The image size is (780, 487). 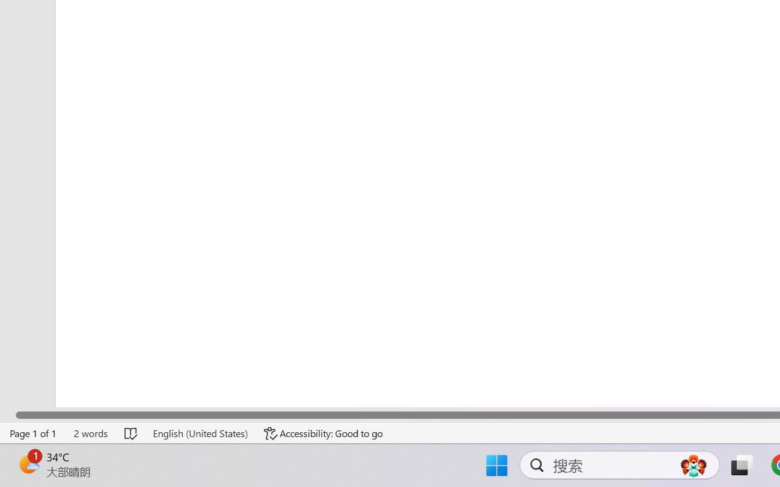 What do you see at coordinates (200, 433) in the screenshot?
I see `'Language English (United States)'` at bounding box center [200, 433].